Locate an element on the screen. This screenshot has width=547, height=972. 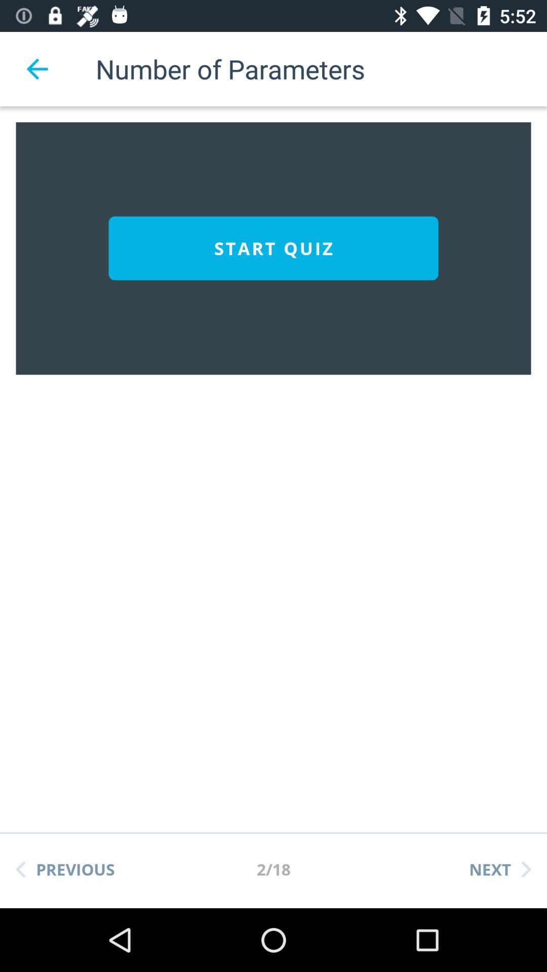
the previous at the bottom left corner is located at coordinates (65, 869).